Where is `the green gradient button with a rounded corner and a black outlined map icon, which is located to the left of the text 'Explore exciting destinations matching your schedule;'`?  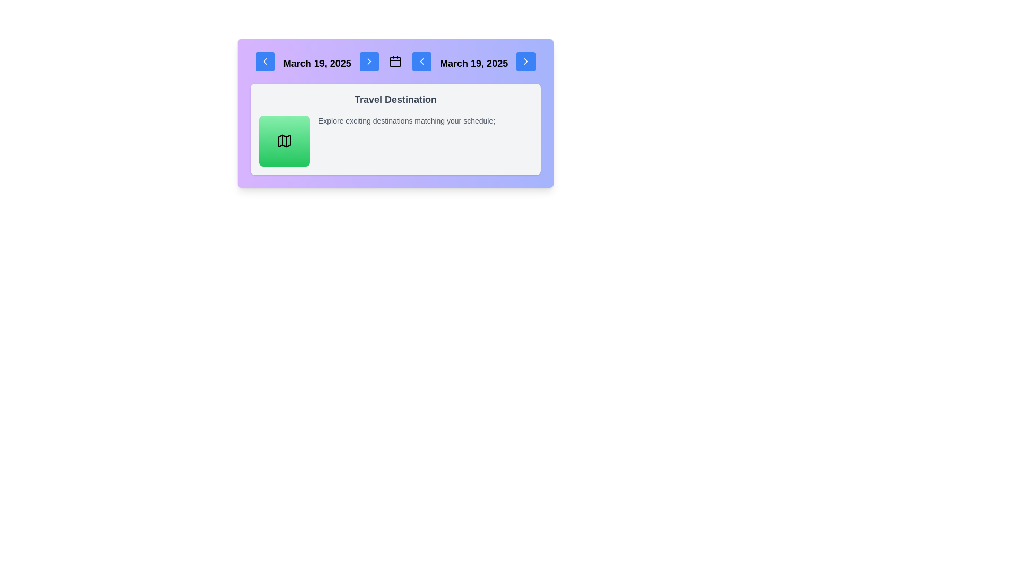
the green gradient button with a rounded corner and a black outlined map icon, which is located to the left of the text 'Explore exciting destinations matching your schedule;' is located at coordinates (284, 141).